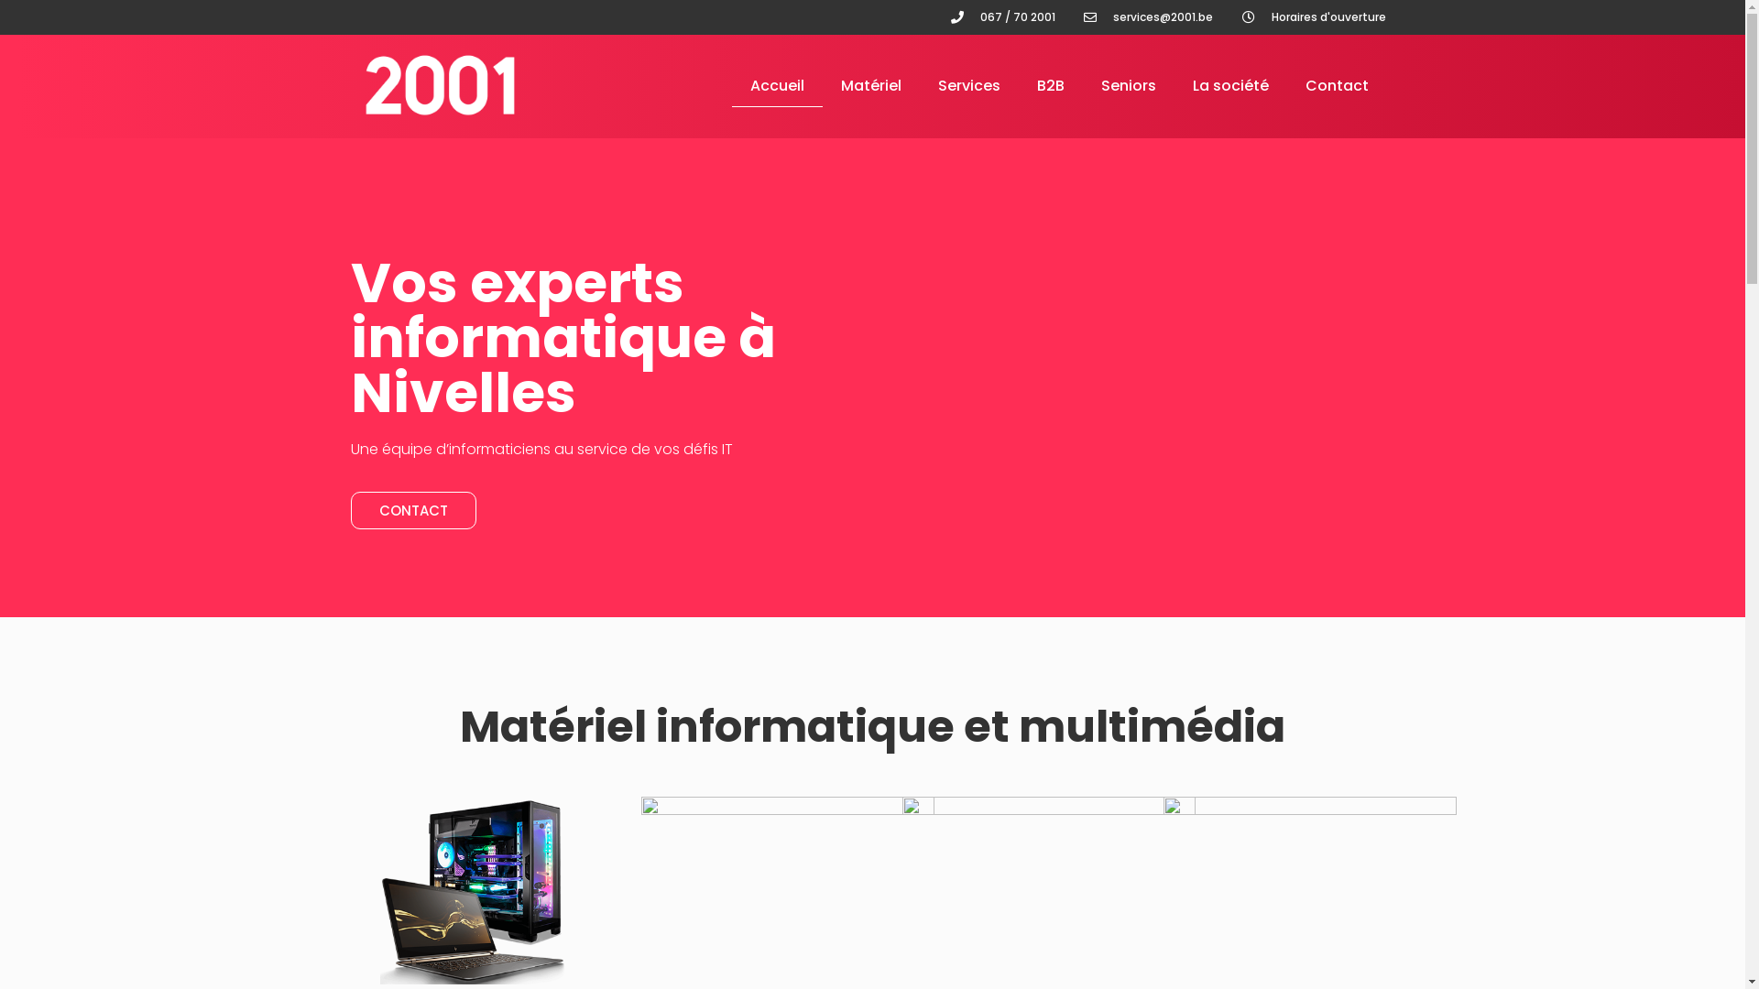 The width and height of the screenshot is (1759, 989). I want to click on 'Contact', so click(1337, 85).